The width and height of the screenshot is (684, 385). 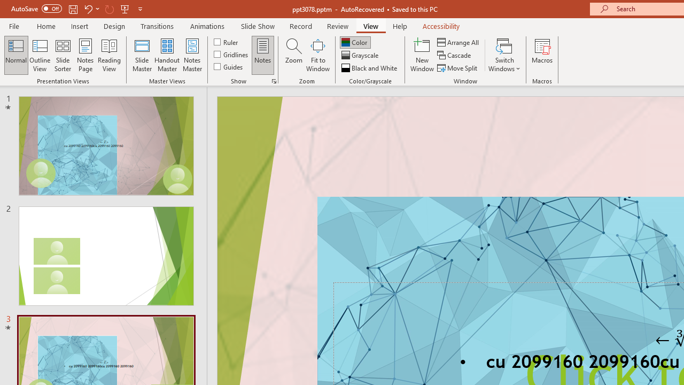 I want to click on 'Design', so click(x=114, y=26).